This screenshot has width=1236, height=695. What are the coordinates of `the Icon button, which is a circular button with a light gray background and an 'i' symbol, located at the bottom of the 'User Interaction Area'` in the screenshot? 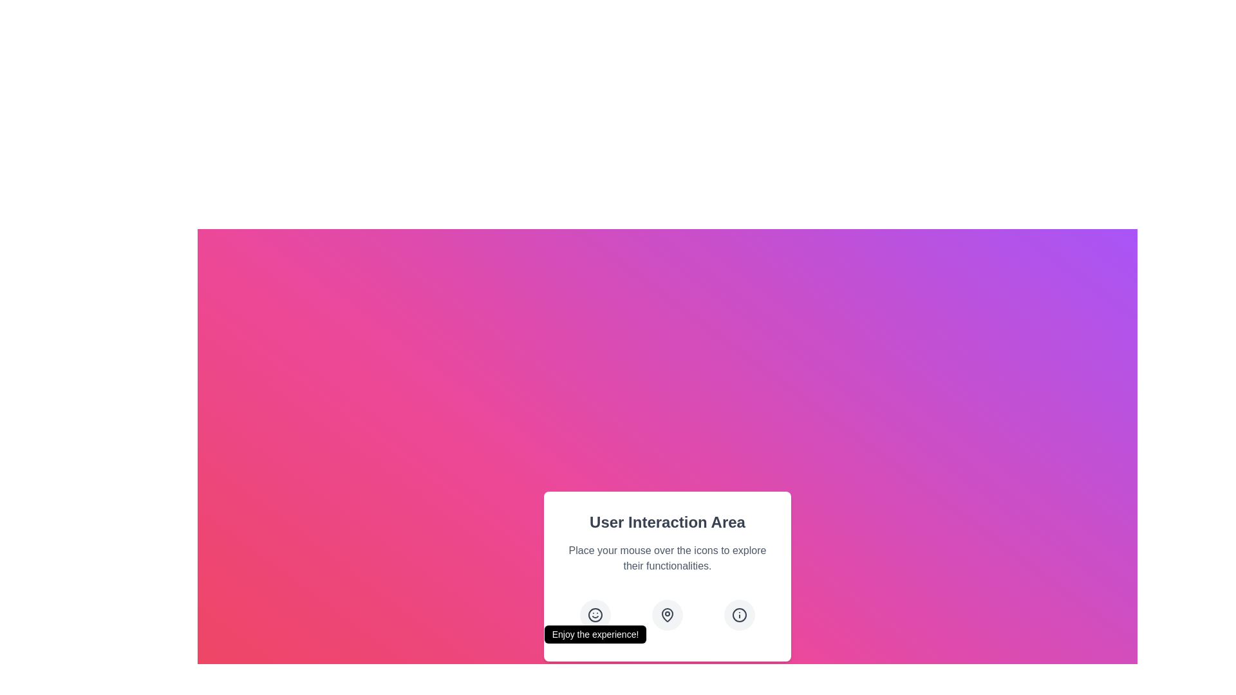 It's located at (739, 615).